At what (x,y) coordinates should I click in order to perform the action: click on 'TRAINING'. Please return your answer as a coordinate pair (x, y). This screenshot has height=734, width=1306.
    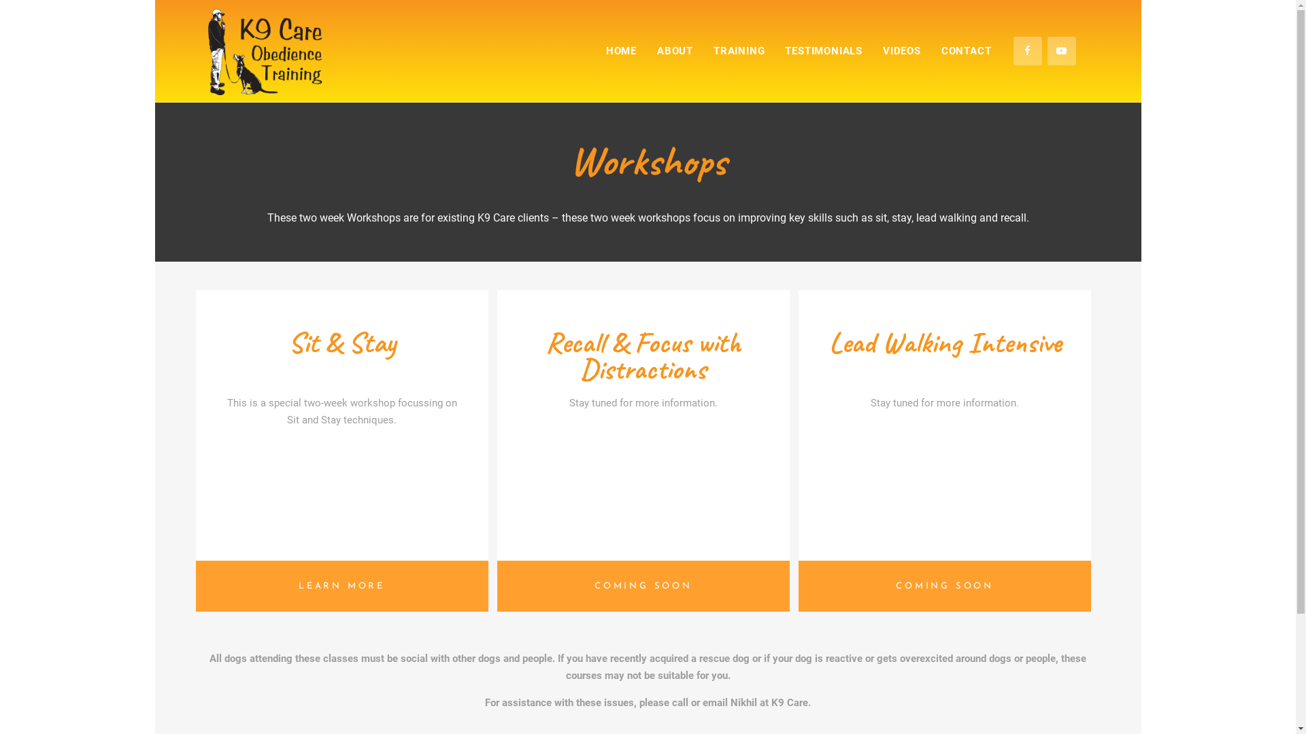
    Looking at the image, I should click on (738, 50).